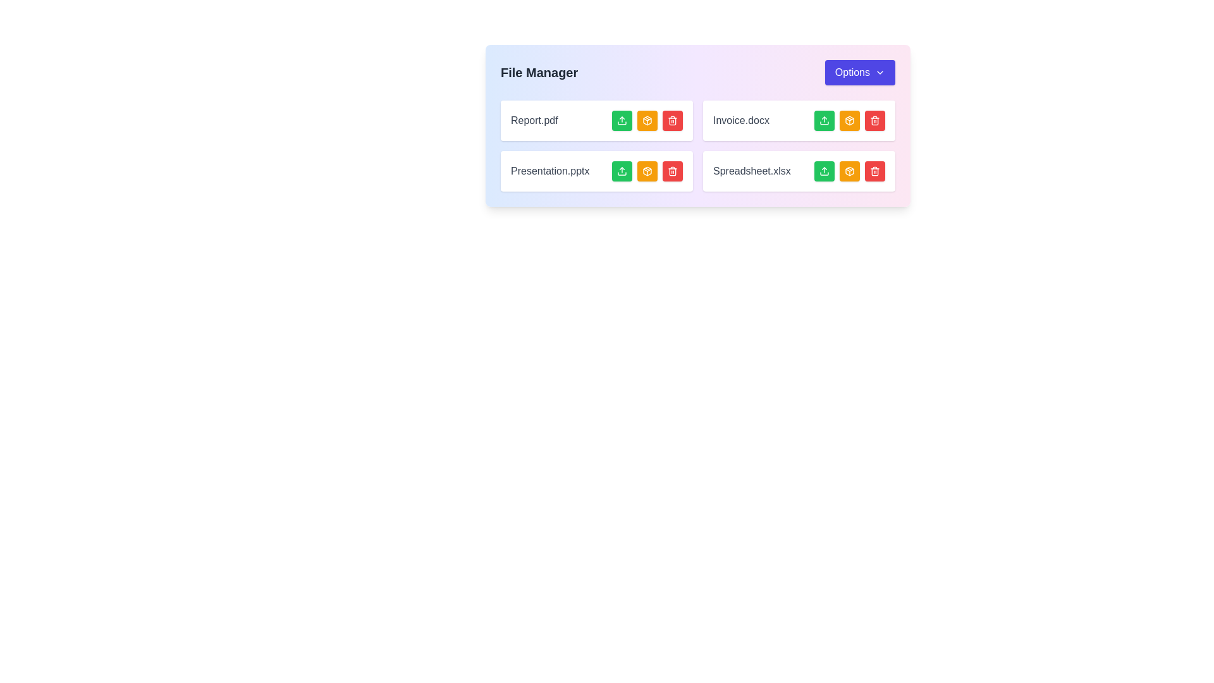 The width and height of the screenshot is (1214, 683). I want to click on the small green square-shaped Icon button with an upward-pointing arrow, located in the second row of action items next to 'Presentation.pptx', so click(622, 171).